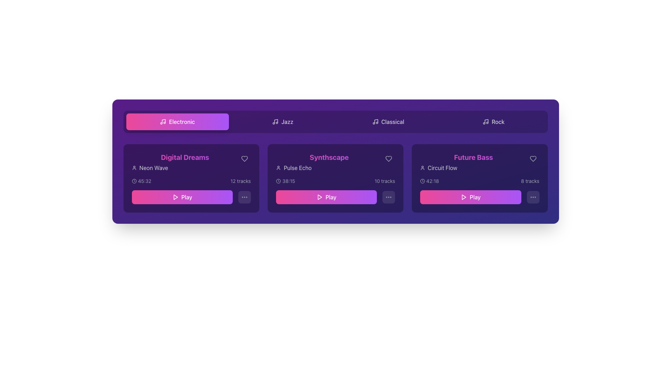 The height and width of the screenshot is (377, 670). What do you see at coordinates (475, 197) in the screenshot?
I see `the text label within the button on the third card labeled 'Future Bass', which is styled with a pink-to-purple gradient` at bounding box center [475, 197].